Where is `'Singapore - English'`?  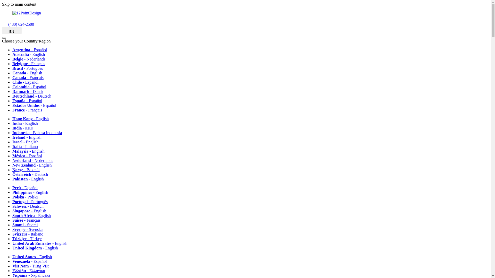
'Singapore - English' is located at coordinates (31, 211).